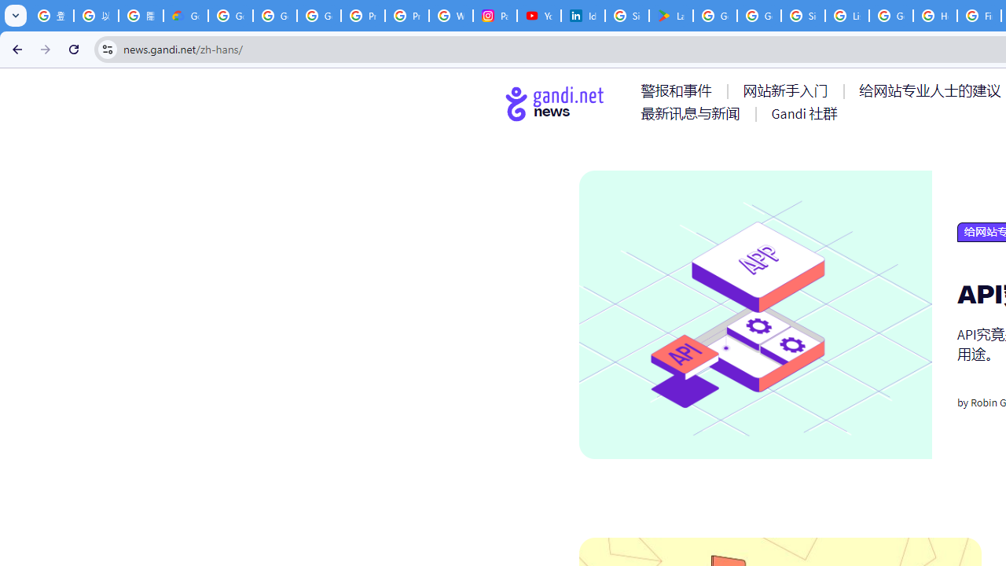 The image size is (1006, 566). Describe the element at coordinates (804, 112) in the screenshot. I see `'AutomationID: menu-item-77767'` at that location.